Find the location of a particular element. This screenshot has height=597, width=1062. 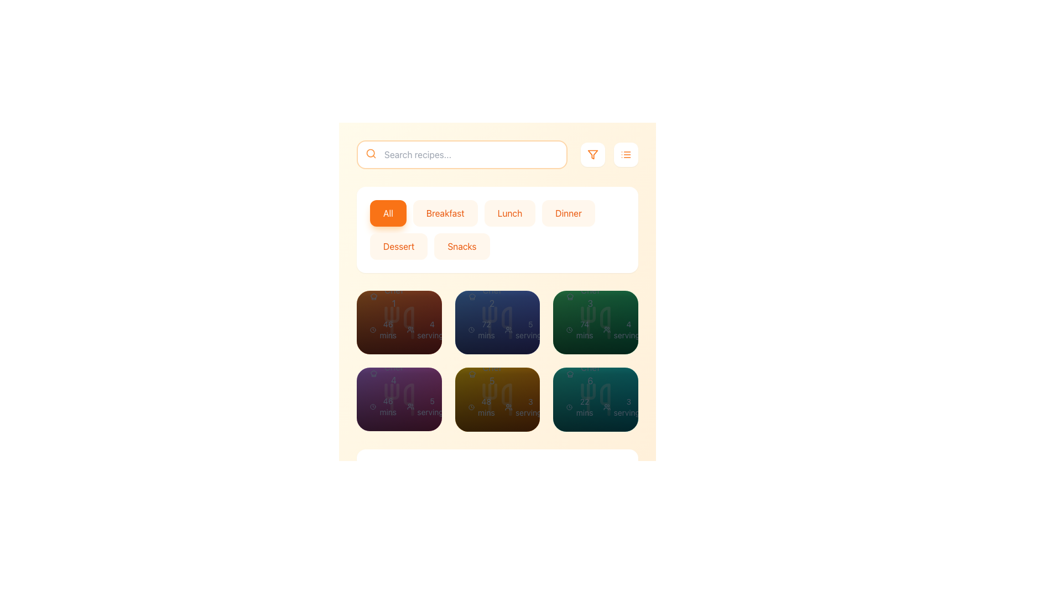

the 'Snacks' button, which is a rectangular button with rounded corners and a light orange background is located at coordinates (462, 246).